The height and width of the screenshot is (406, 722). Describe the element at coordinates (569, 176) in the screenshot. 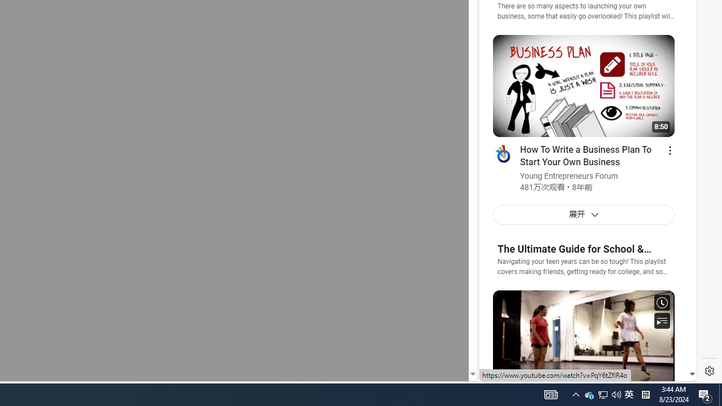

I see `'Young Entrepreneurs Forum'` at that location.